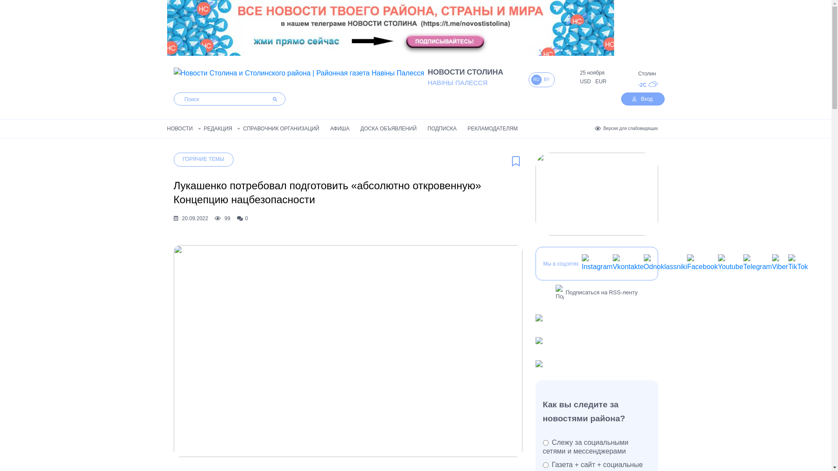 This screenshot has height=471, width=838. Describe the element at coordinates (536, 80) in the screenshot. I see `'RU'` at that location.